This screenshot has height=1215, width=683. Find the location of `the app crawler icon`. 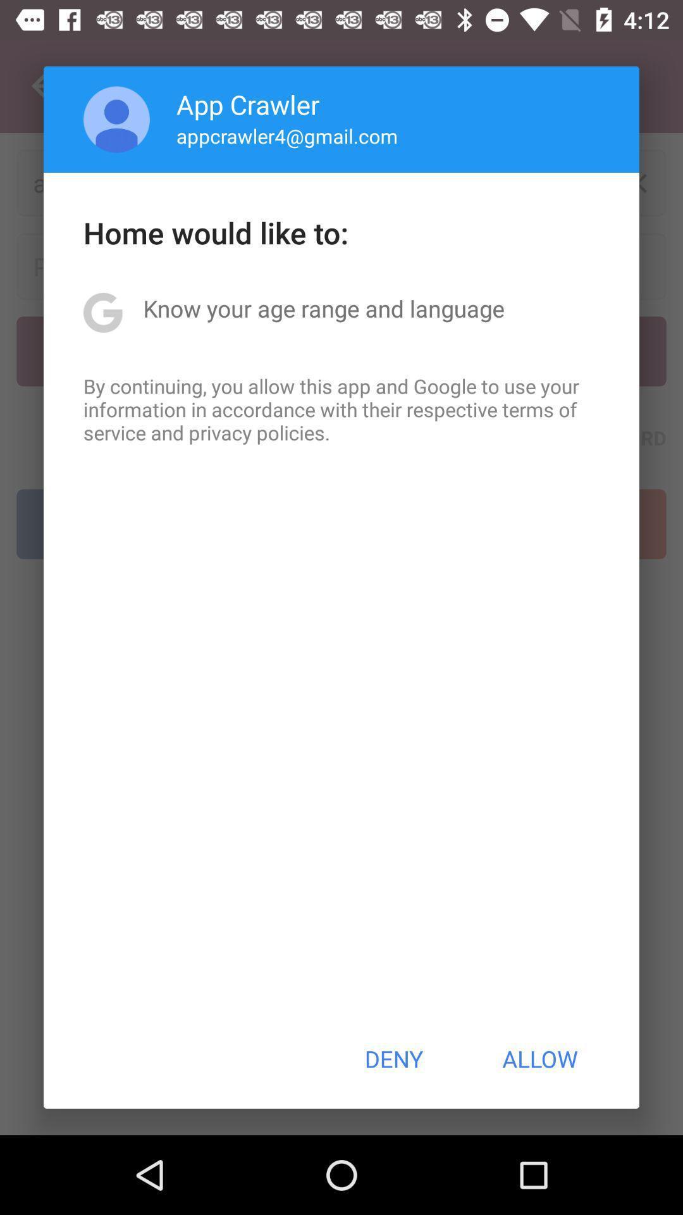

the app crawler icon is located at coordinates (248, 104).